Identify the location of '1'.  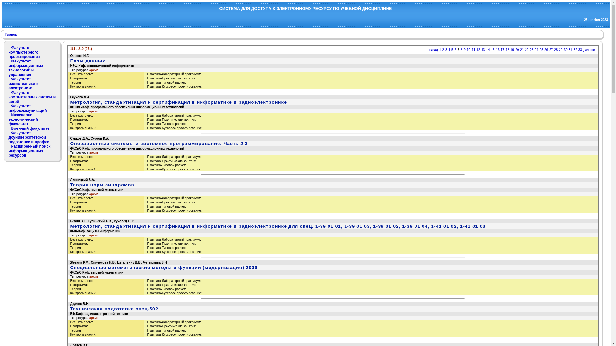
(439, 49).